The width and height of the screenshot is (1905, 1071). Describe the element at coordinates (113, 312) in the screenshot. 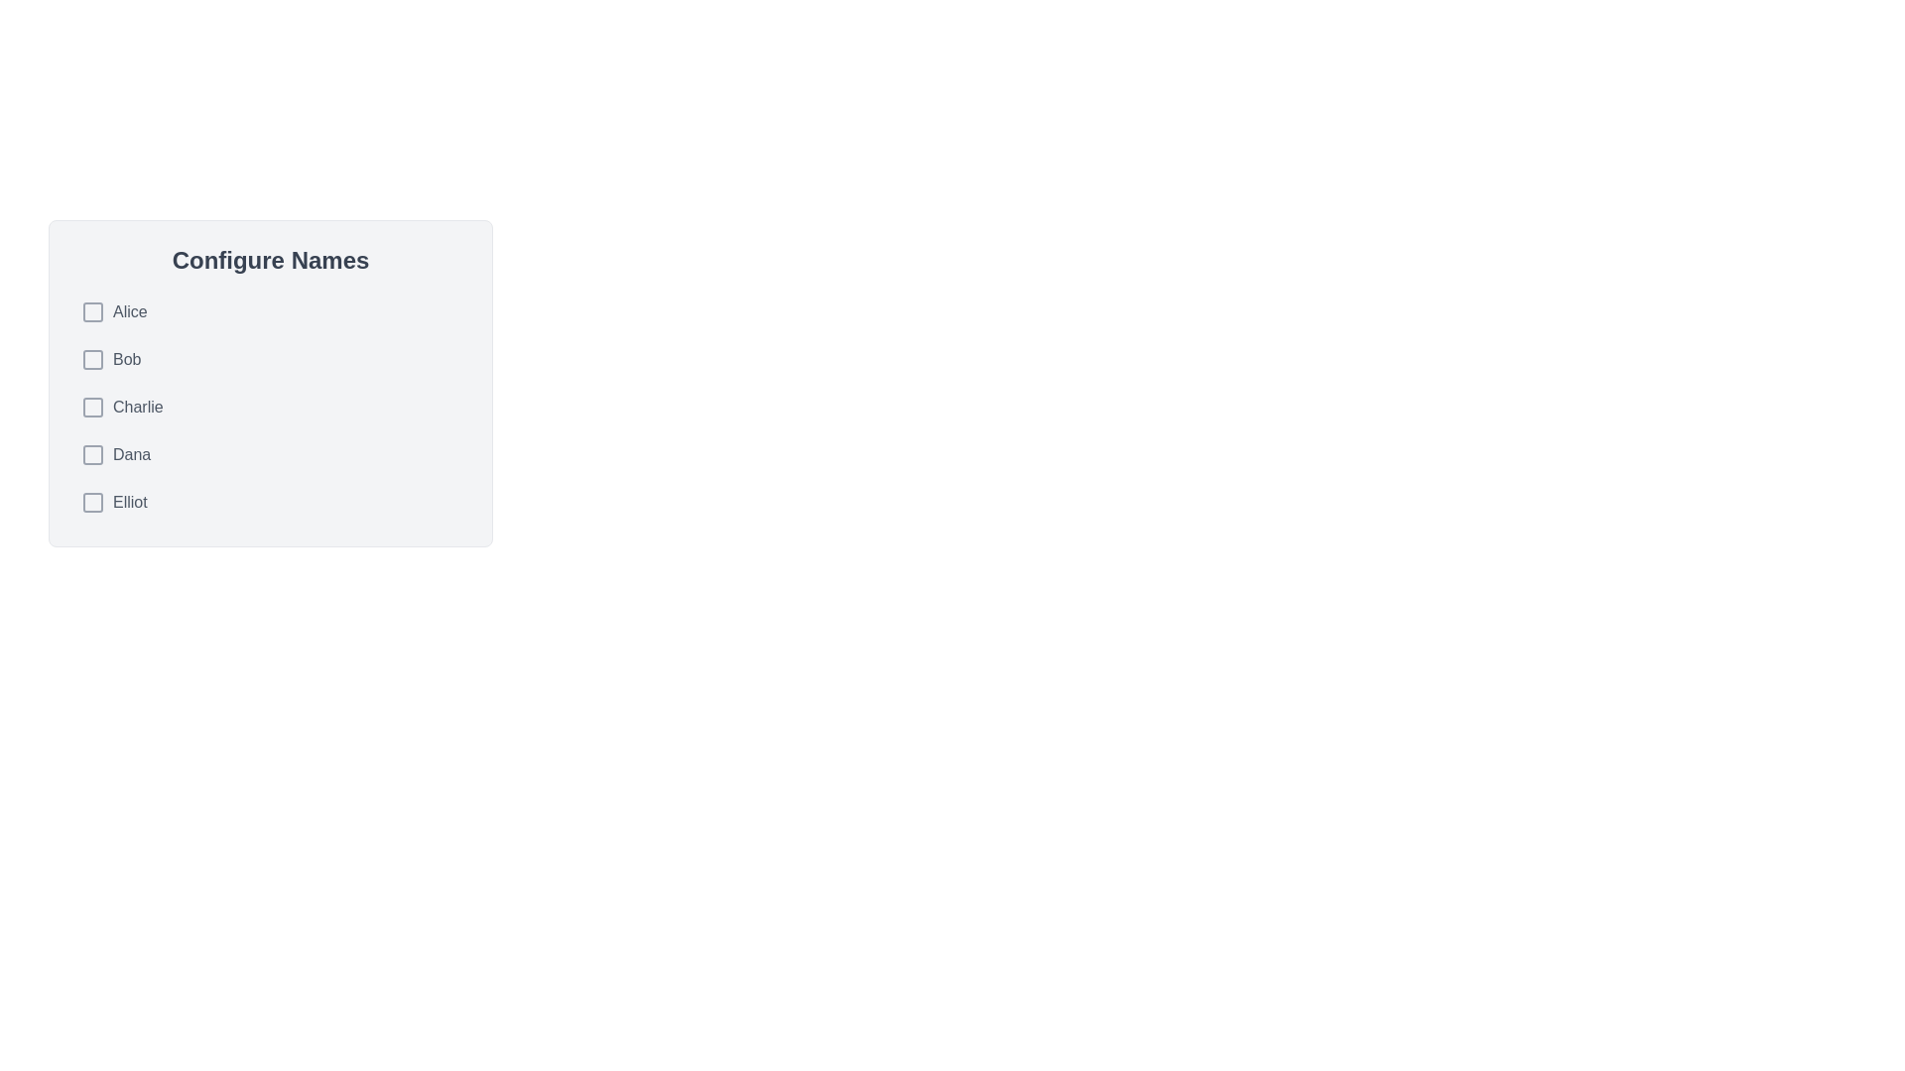

I see `the checkbox` at that location.